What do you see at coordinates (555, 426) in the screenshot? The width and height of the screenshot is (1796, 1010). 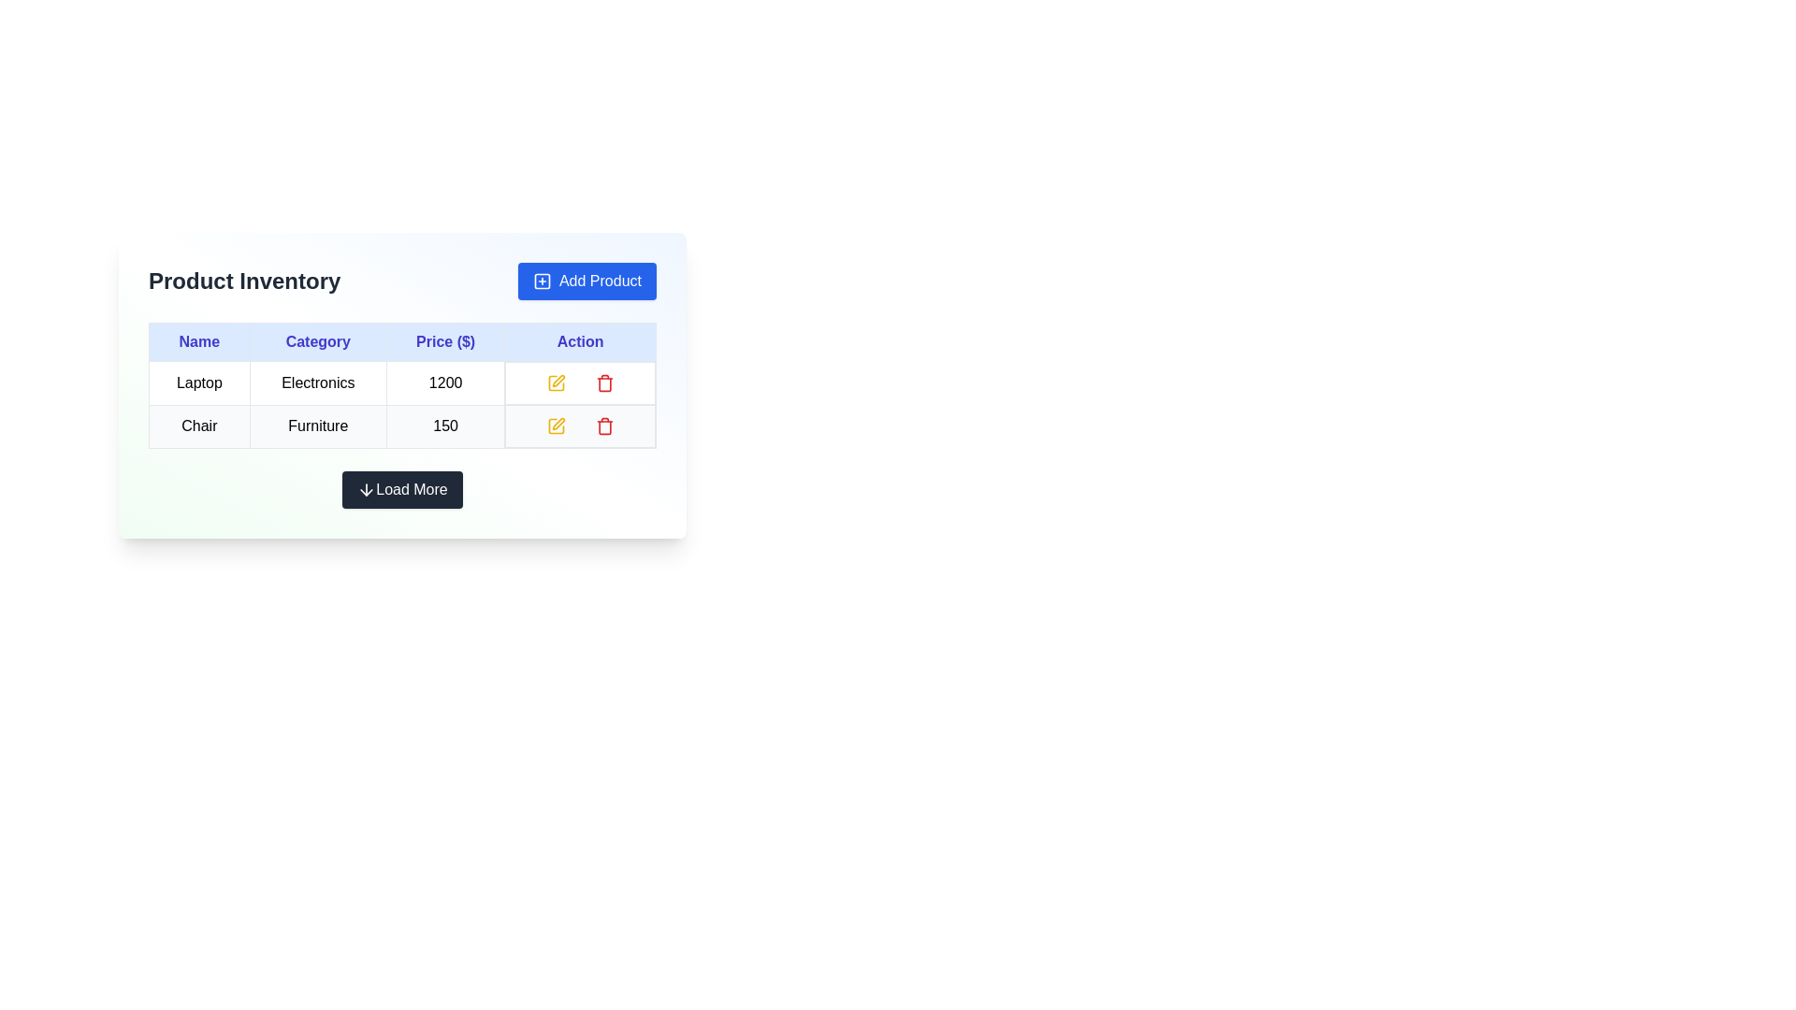 I see `the editing icon in the 'Action' column of the 'Chair' row` at bounding box center [555, 426].